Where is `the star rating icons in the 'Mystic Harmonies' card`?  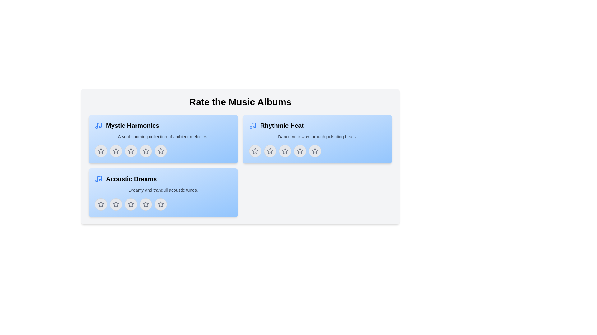 the star rating icons in the 'Mystic Harmonies' card is located at coordinates (163, 139).